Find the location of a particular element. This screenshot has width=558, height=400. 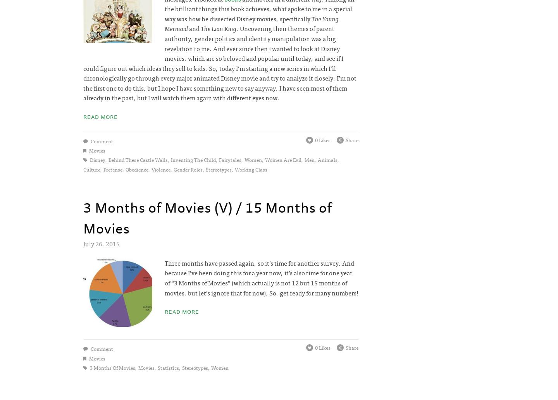

'working class' is located at coordinates (251, 169).